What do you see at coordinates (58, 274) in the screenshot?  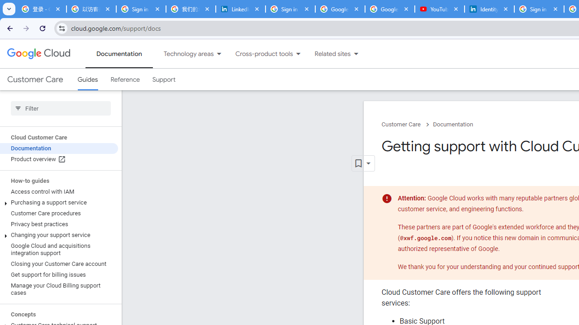 I see `'Get support for billing issues'` at bounding box center [58, 274].